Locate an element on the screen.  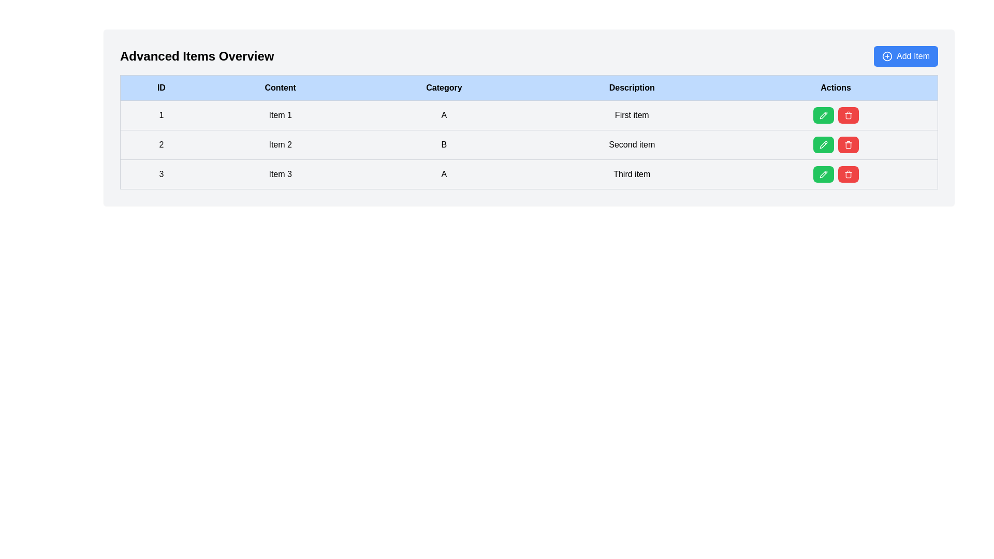
the Table Header Cell displaying 'ID', which is the first header cell in the table with a light blue background and bold center-aligned text is located at coordinates (160, 87).